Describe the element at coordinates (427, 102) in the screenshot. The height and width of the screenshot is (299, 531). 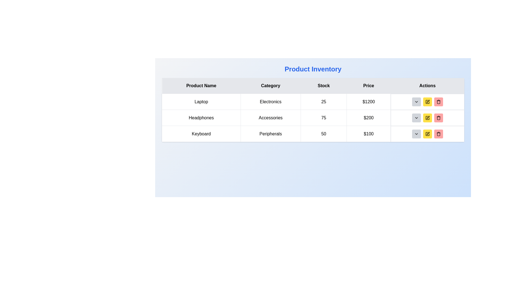
I see `the yellow button with a pen icon located in the third row of the action buttons table` at that location.